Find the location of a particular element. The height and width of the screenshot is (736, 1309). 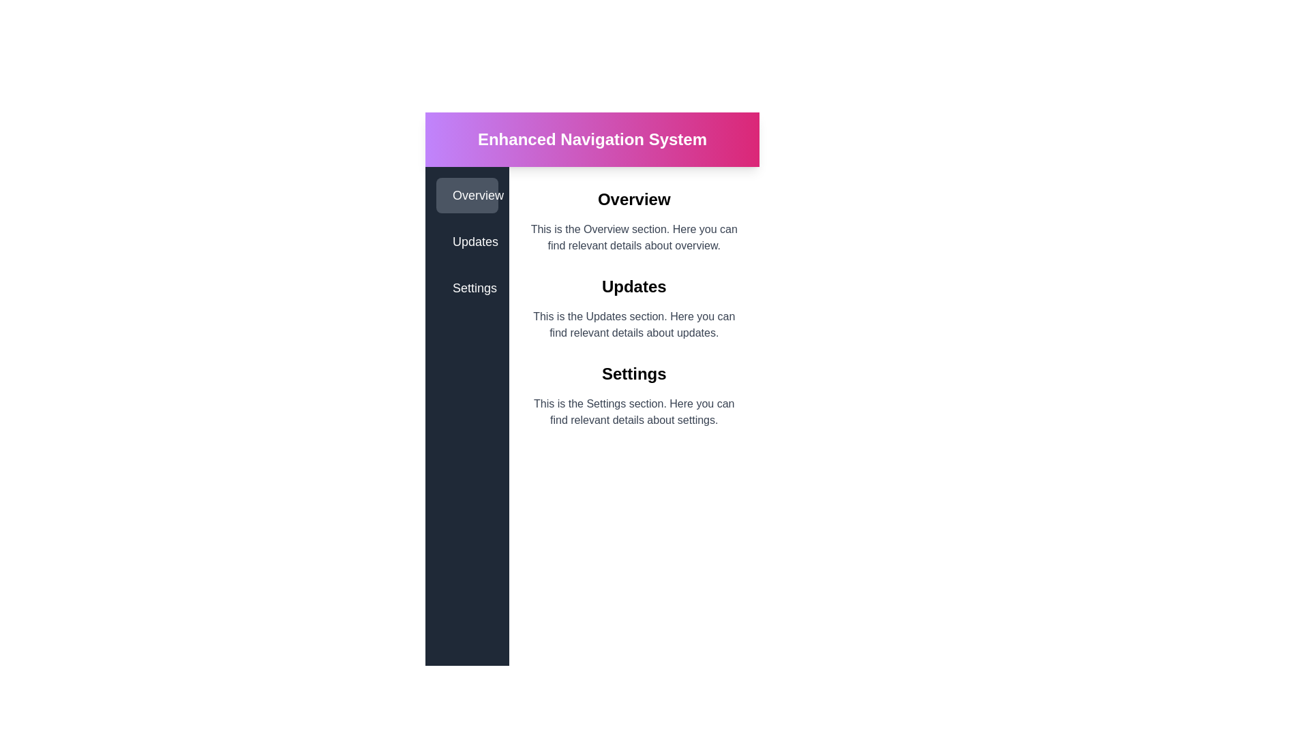

the 'Updates' link in the vertical navigation menu located on the left sidebar, which is the second item below 'Overview' and above 'Settings' is located at coordinates (467, 241).